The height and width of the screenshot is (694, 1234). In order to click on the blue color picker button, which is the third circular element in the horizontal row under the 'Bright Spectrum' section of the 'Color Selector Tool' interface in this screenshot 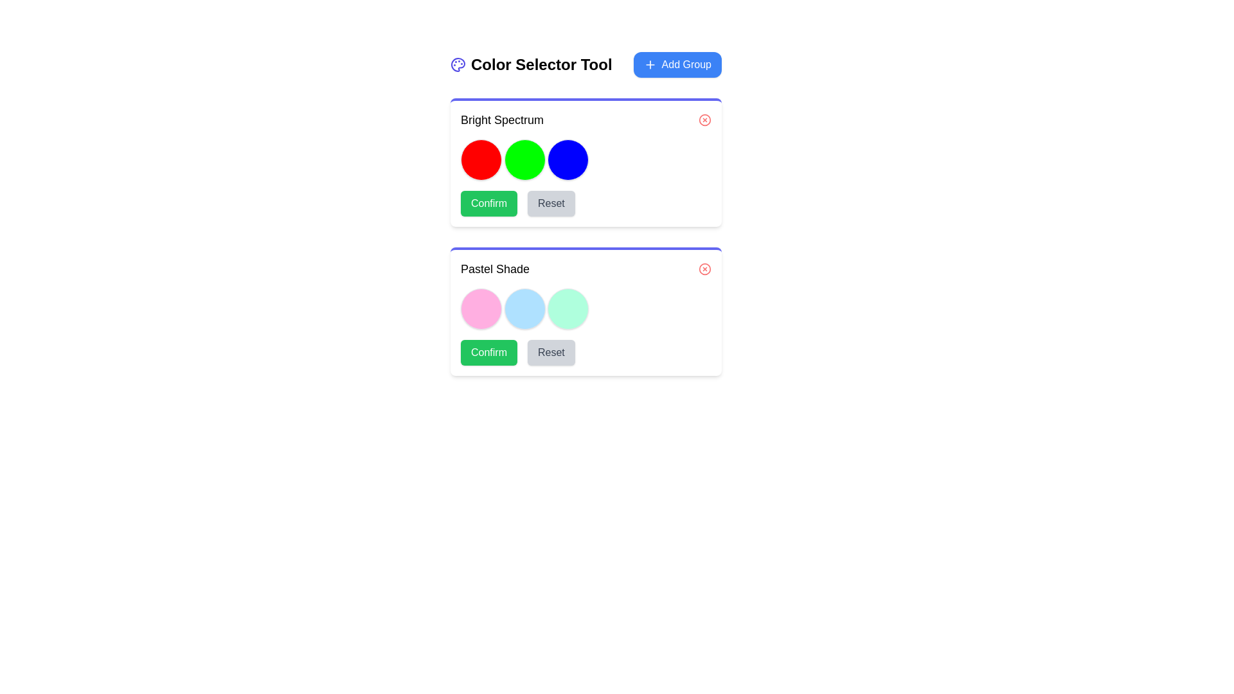, I will do `click(568, 159)`.